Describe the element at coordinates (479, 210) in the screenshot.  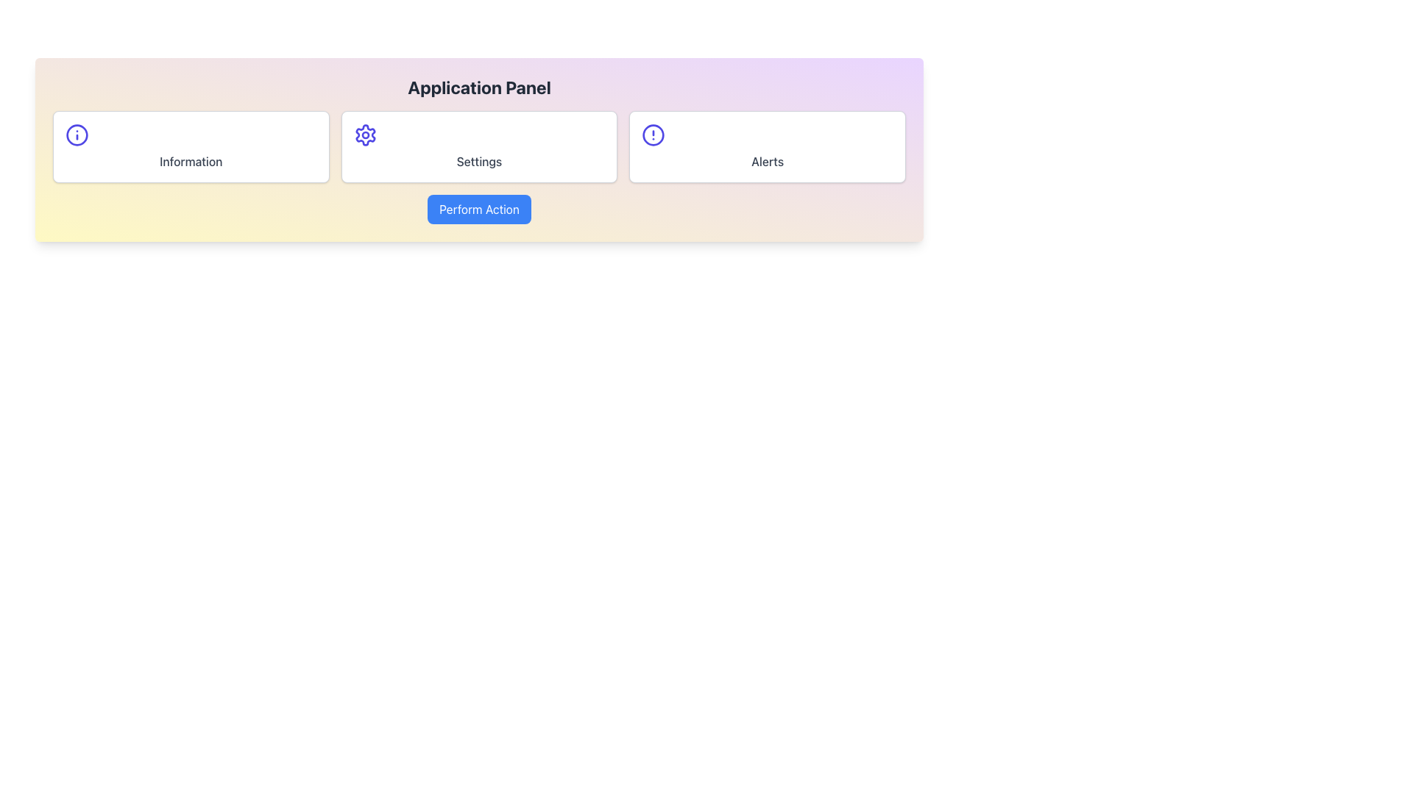
I see `the call-to-action button located below the 'Application Panel', centrally aligned beneath 'Information', 'Settings', and 'Alerts'` at that location.